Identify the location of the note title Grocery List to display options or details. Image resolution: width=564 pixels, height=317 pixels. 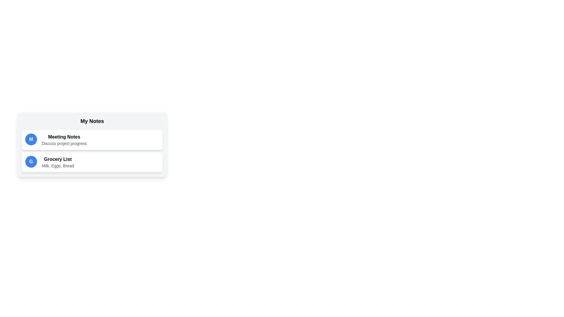
(58, 159).